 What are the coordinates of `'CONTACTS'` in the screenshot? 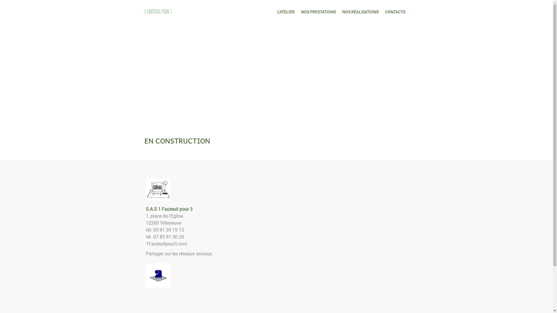 It's located at (395, 12).